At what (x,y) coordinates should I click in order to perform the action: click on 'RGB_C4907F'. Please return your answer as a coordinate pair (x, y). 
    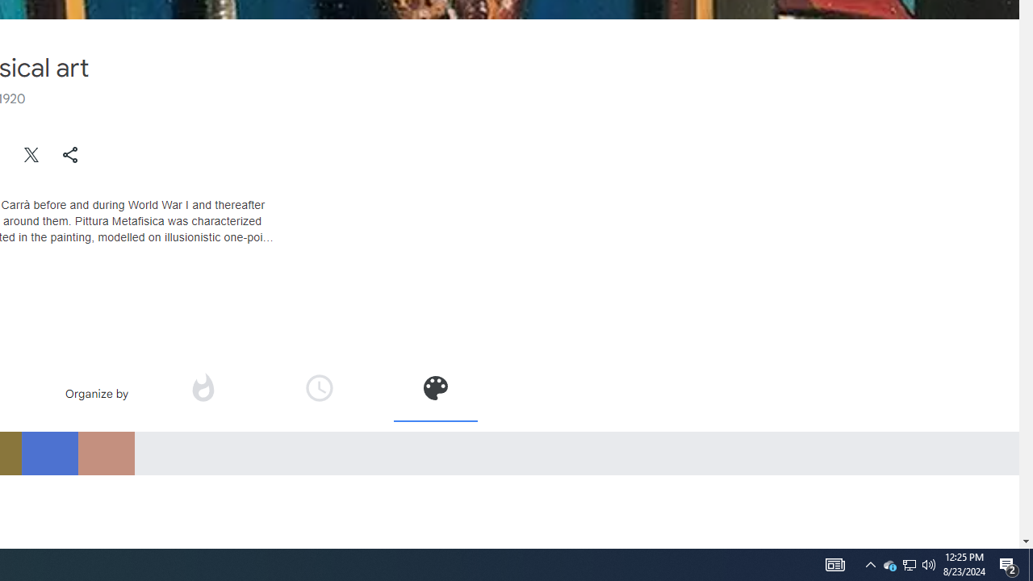
    Looking at the image, I should click on (105, 453).